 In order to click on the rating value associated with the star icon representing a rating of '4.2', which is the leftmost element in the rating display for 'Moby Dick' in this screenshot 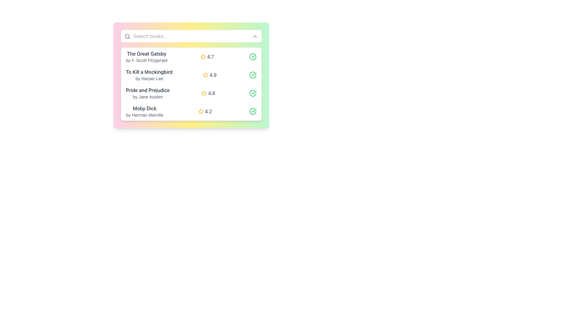, I will do `click(201, 111)`.